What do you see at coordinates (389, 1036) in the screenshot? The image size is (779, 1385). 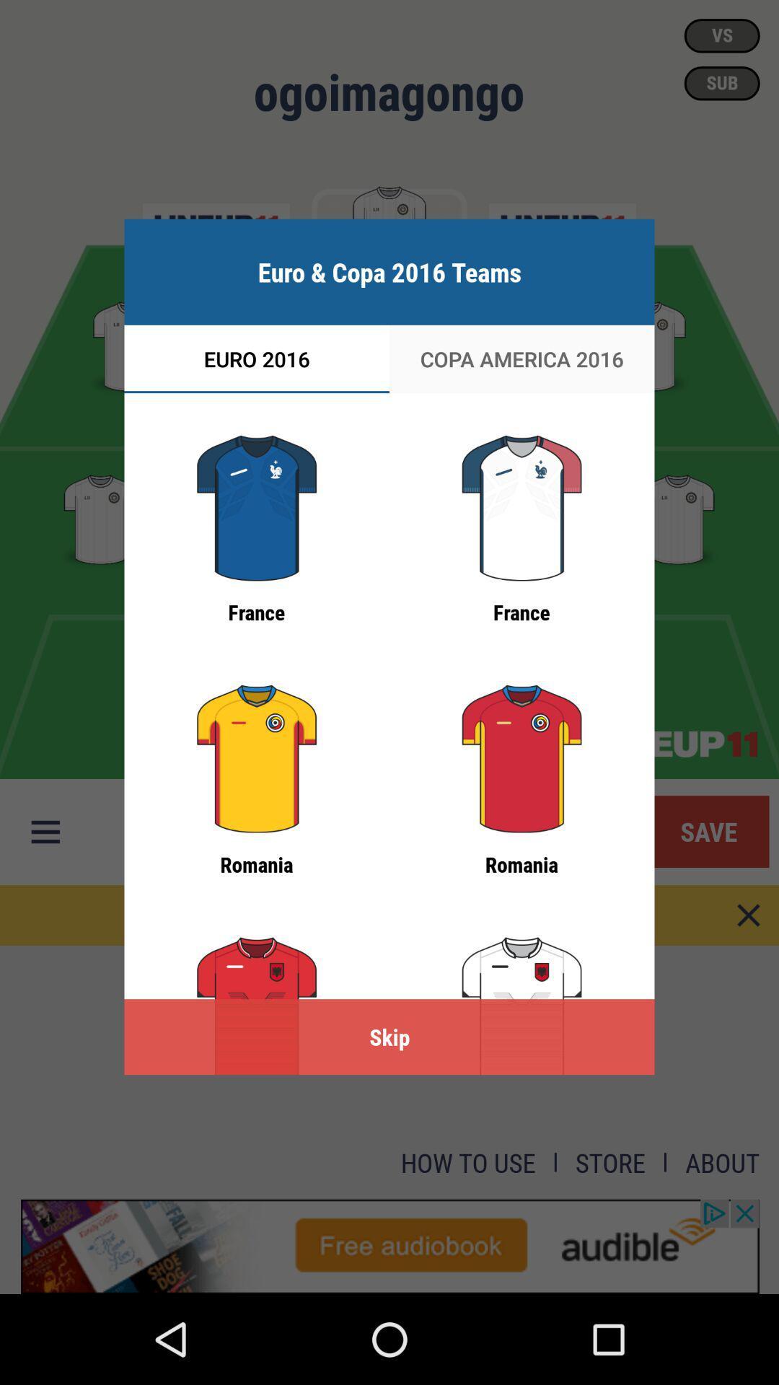 I see `item below the romania` at bounding box center [389, 1036].